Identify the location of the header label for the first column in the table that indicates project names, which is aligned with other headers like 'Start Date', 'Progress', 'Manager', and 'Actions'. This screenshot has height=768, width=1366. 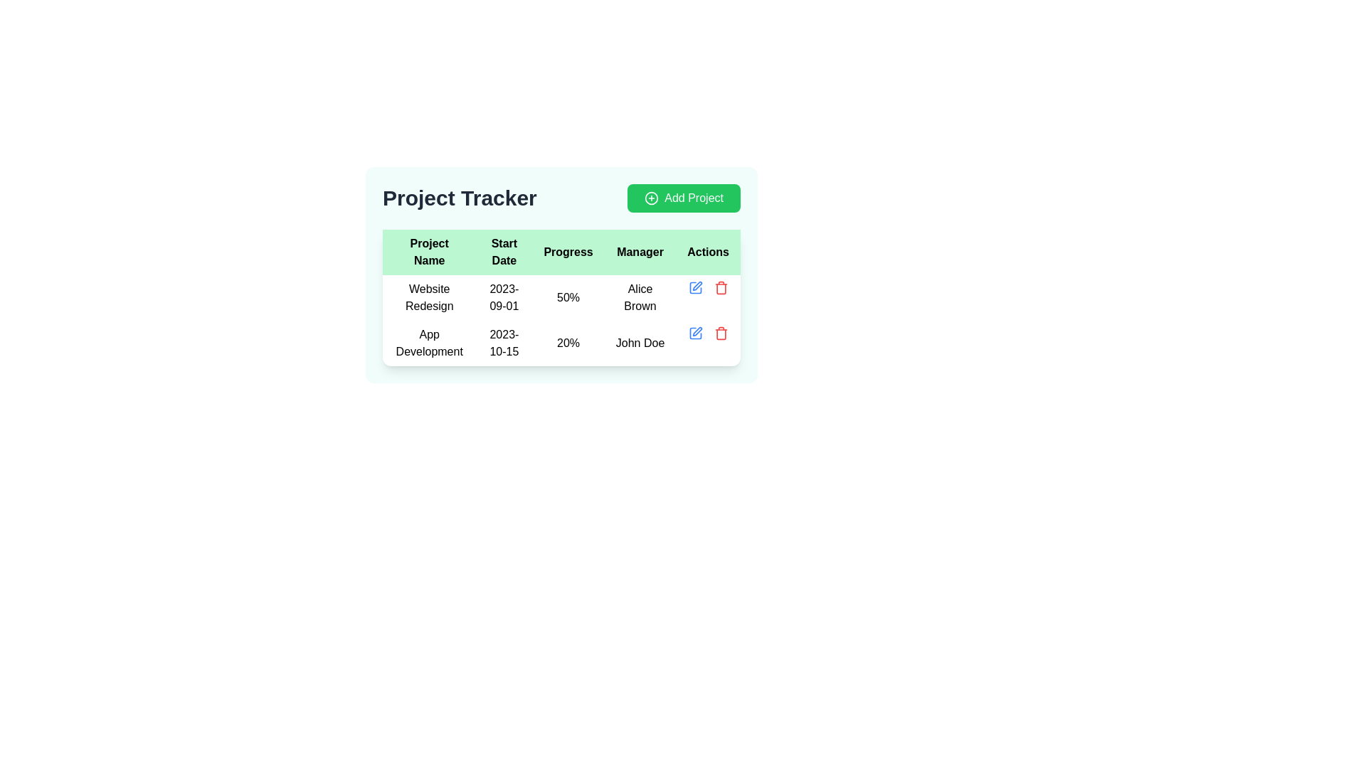
(428, 251).